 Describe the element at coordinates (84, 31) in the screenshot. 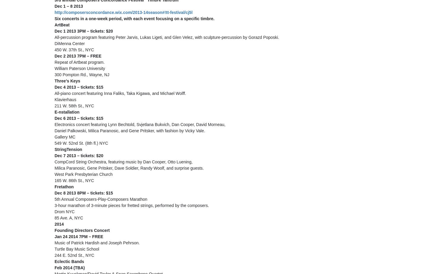

I see `'Dec 1 2013 3PM – tickets: $20'` at that location.